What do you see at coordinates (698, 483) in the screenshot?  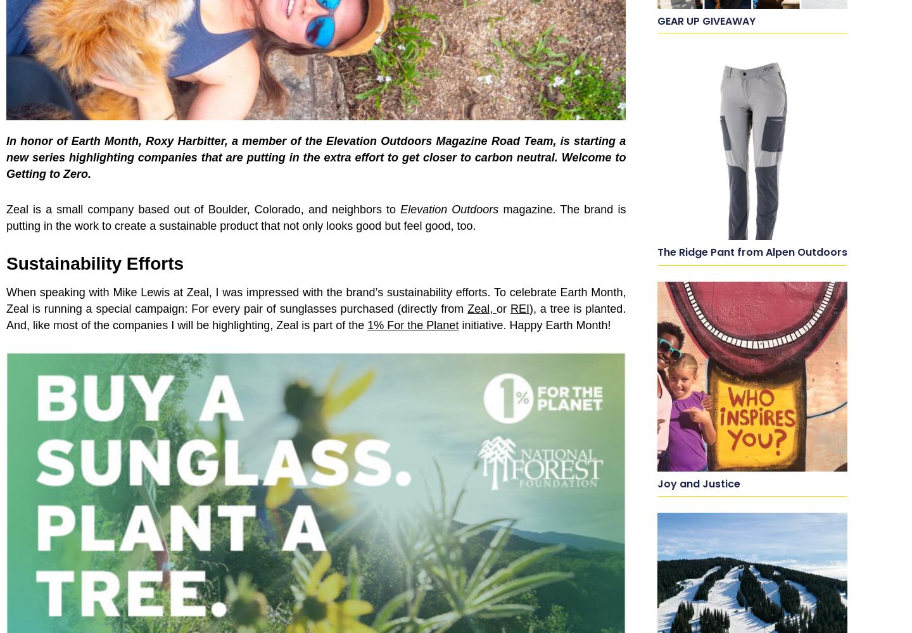 I see `'Joy and Justice'` at bounding box center [698, 483].